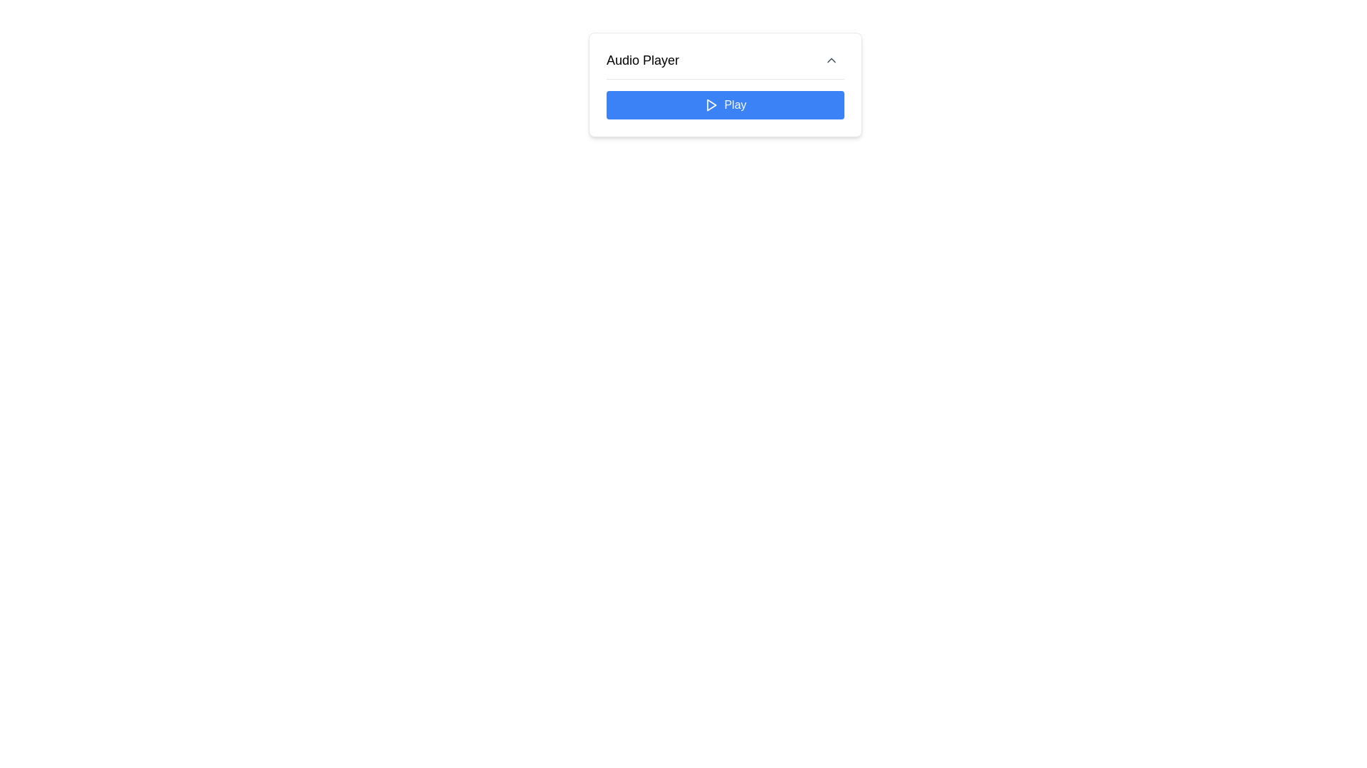 Image resolution: width=1367 pixels, height=768 pixels. I want to click on the small upward-facing chevron icon located in the top-right area of the 'Audio Player' card, so click(831, 59).